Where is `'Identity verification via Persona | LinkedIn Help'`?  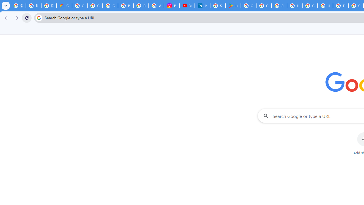 'Identity verification via Persona | LinkedIn Help' is located at coordinates (202, 6).